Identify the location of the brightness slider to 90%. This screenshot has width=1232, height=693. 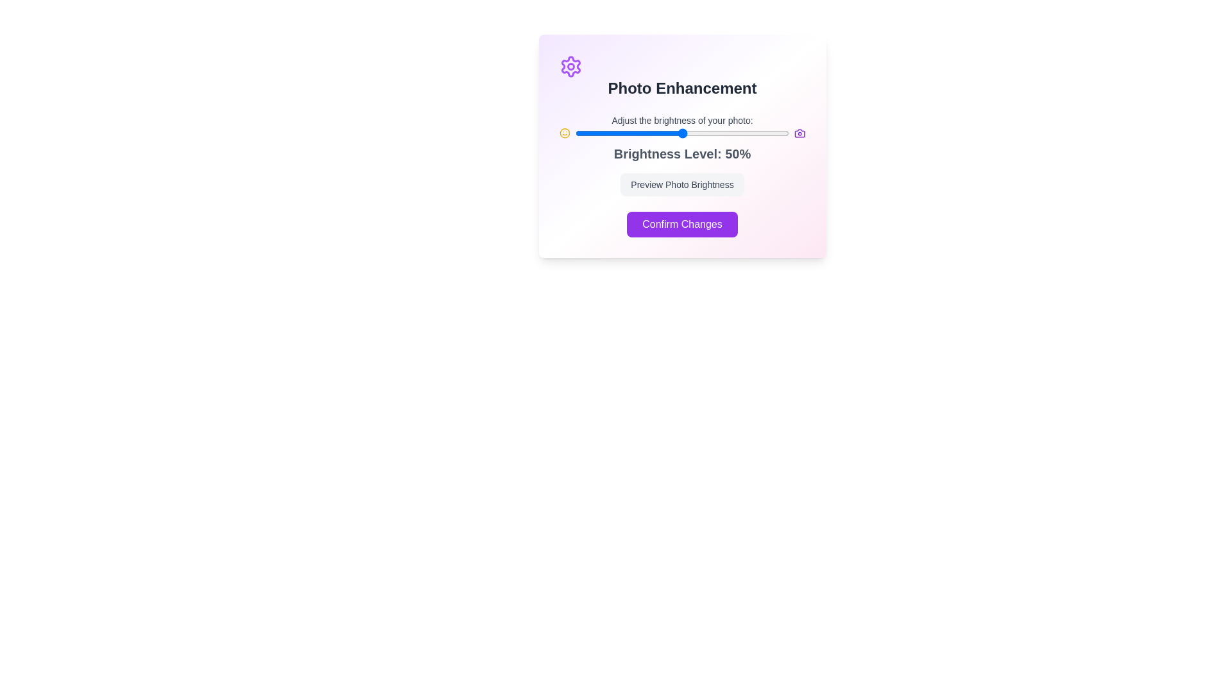
(767, 133).